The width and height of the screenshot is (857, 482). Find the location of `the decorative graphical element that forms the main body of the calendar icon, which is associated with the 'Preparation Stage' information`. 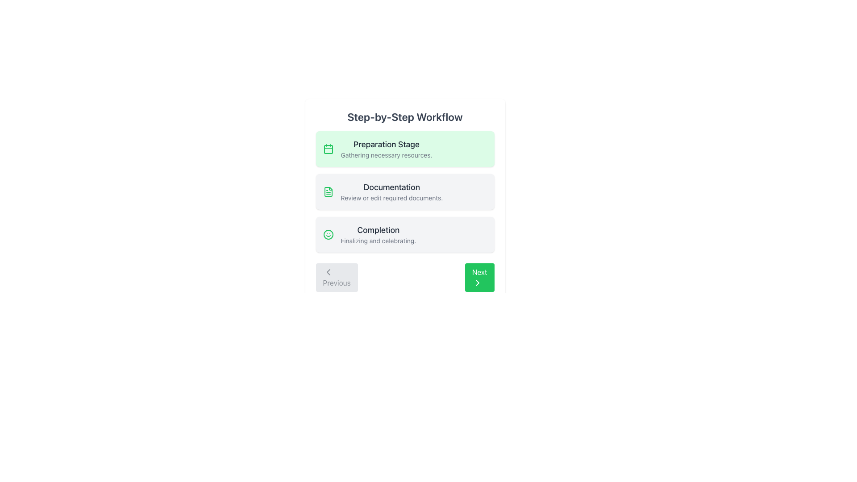

the decorative graphical element that forms the main body of the calendar icon, which is associated with the 'Preparation Stage' information is located at coordinates (328, 149).